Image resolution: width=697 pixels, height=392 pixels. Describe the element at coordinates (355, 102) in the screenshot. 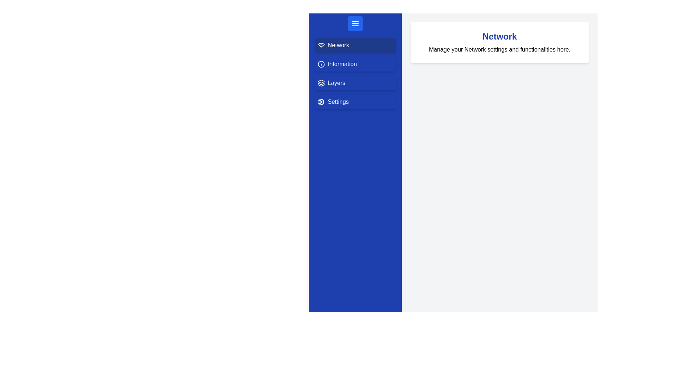

I see `the menu option Settings from the drawer` at that location.